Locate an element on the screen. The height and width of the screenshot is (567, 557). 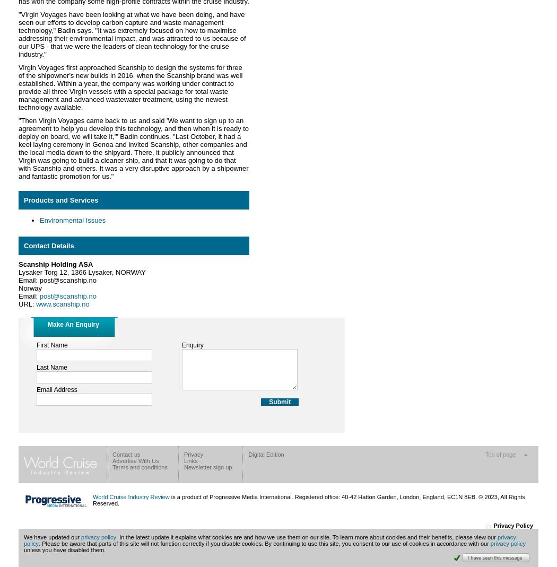
'Contact Details' is located at coordinates (23, 245).